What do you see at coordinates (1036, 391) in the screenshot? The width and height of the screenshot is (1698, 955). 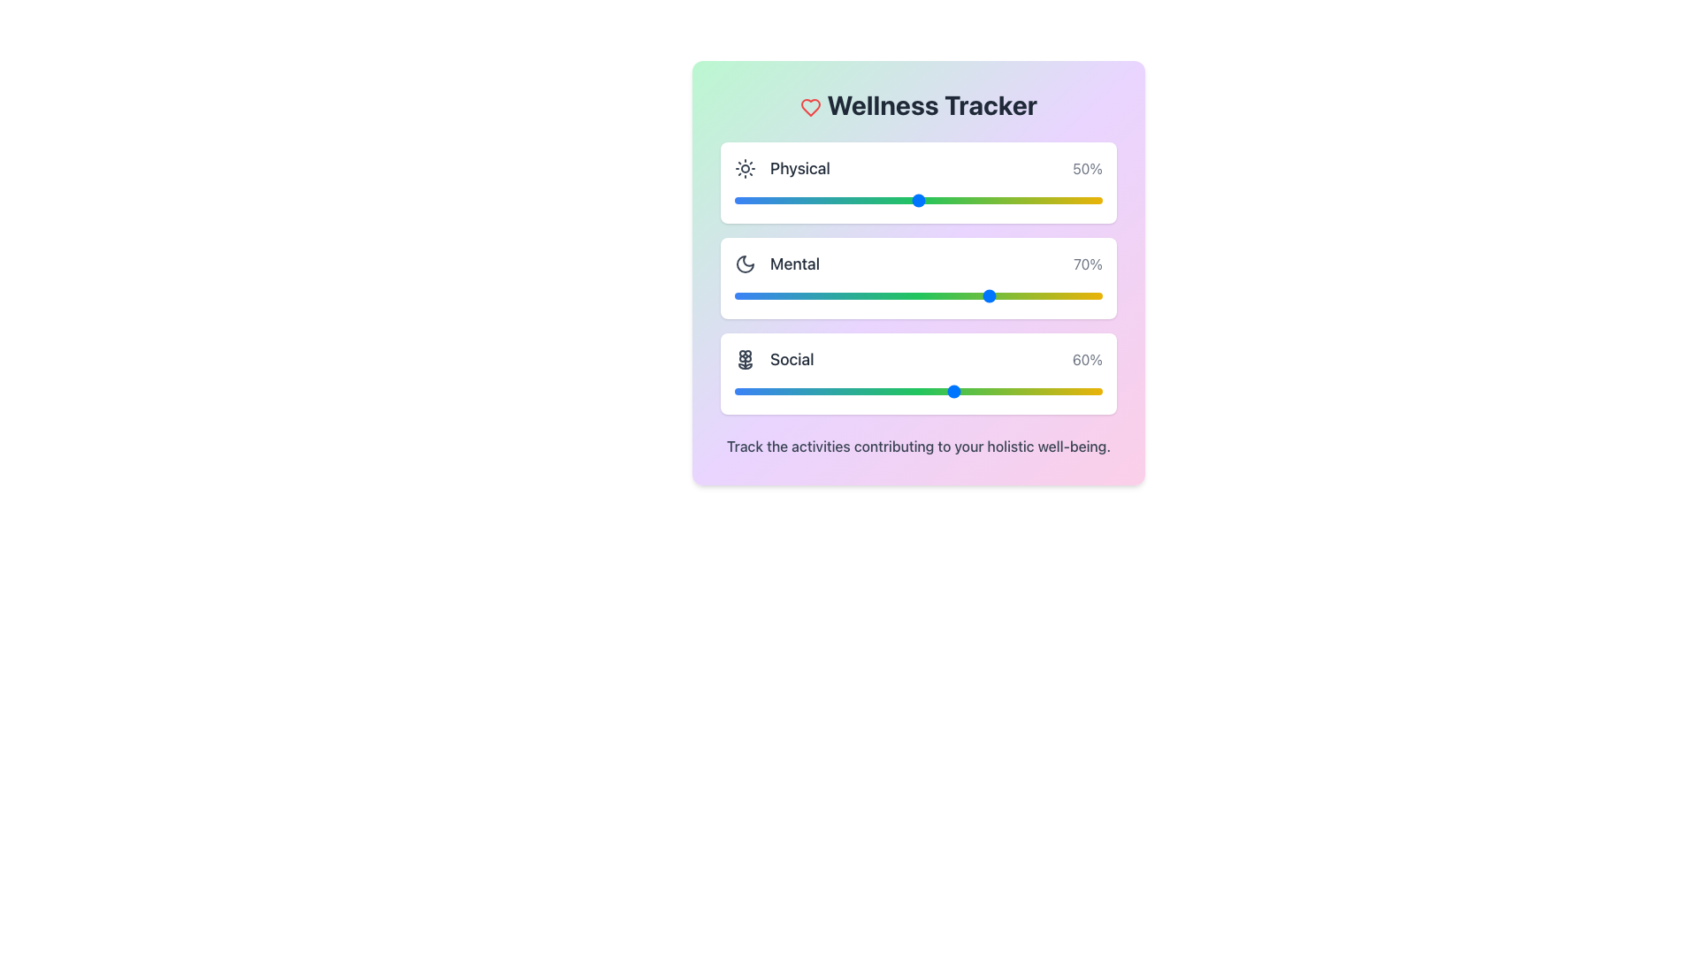 I see `the social well-being percentage` at bounding box center [1036, 391].